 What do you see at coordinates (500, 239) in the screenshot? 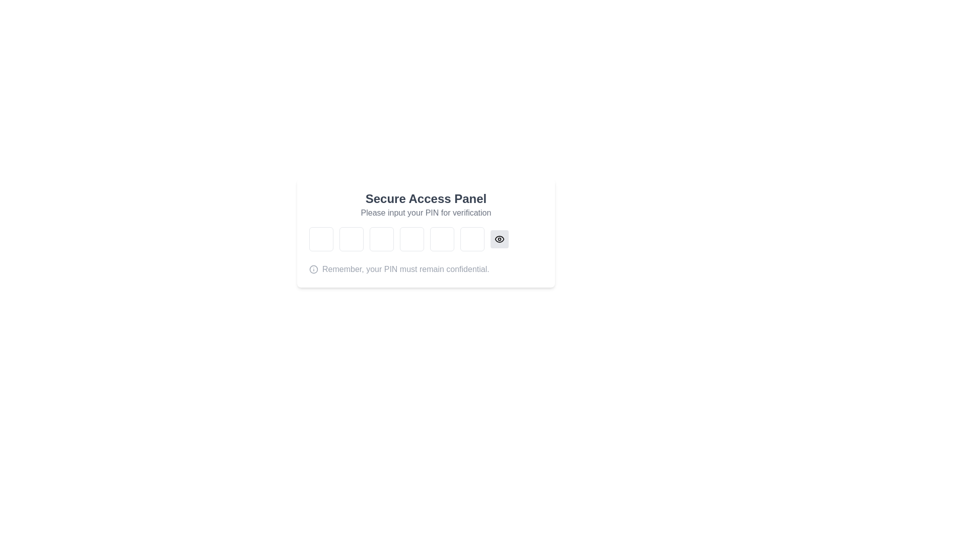
I see `the toggle button located to the right of the six square password input fields to activate its hover styles` at bounding box center [500, 239].